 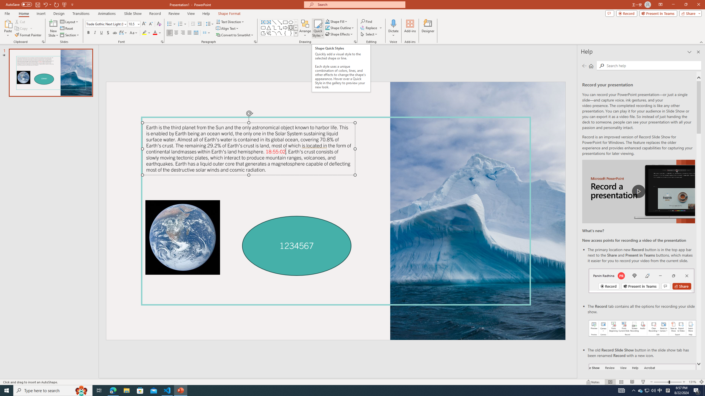 I want to click on 'Increase Font Size', so click(x=144, y=24).